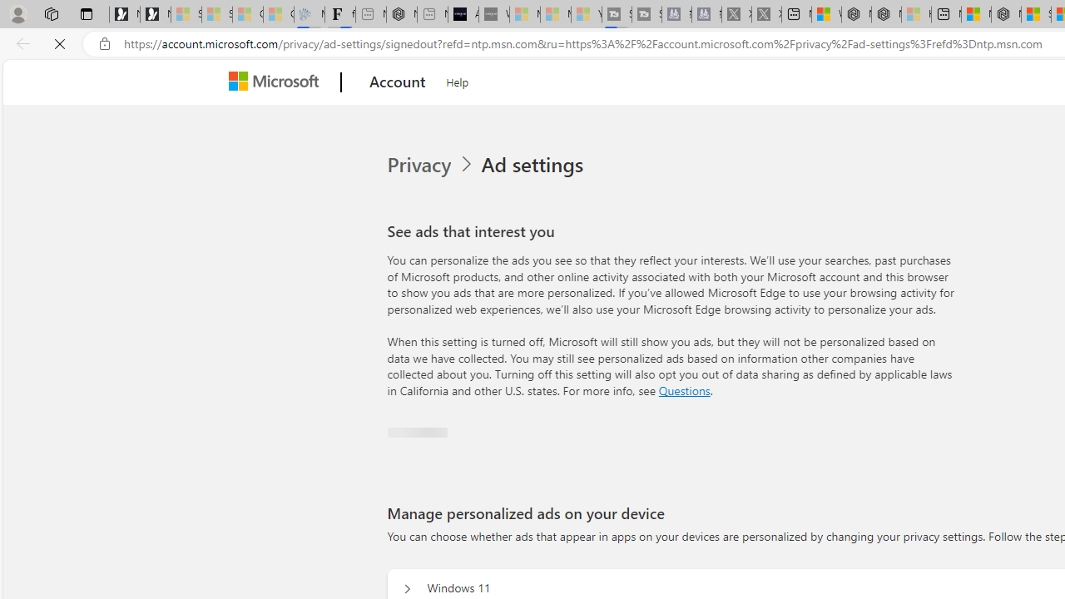 This screenshot has width=1065, height=599. What do you see at coordinates (493, 14) in the screenshot?
I see `'What'` at bounding box center [493, 14].